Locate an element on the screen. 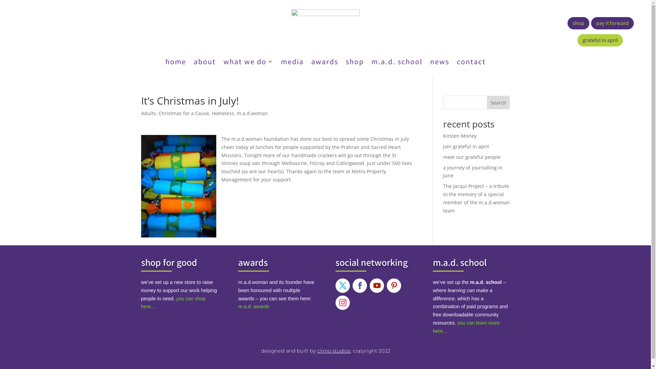 The height and width of the screenshot is (369, 656). 'shop' is located at coordinates (346, 63).